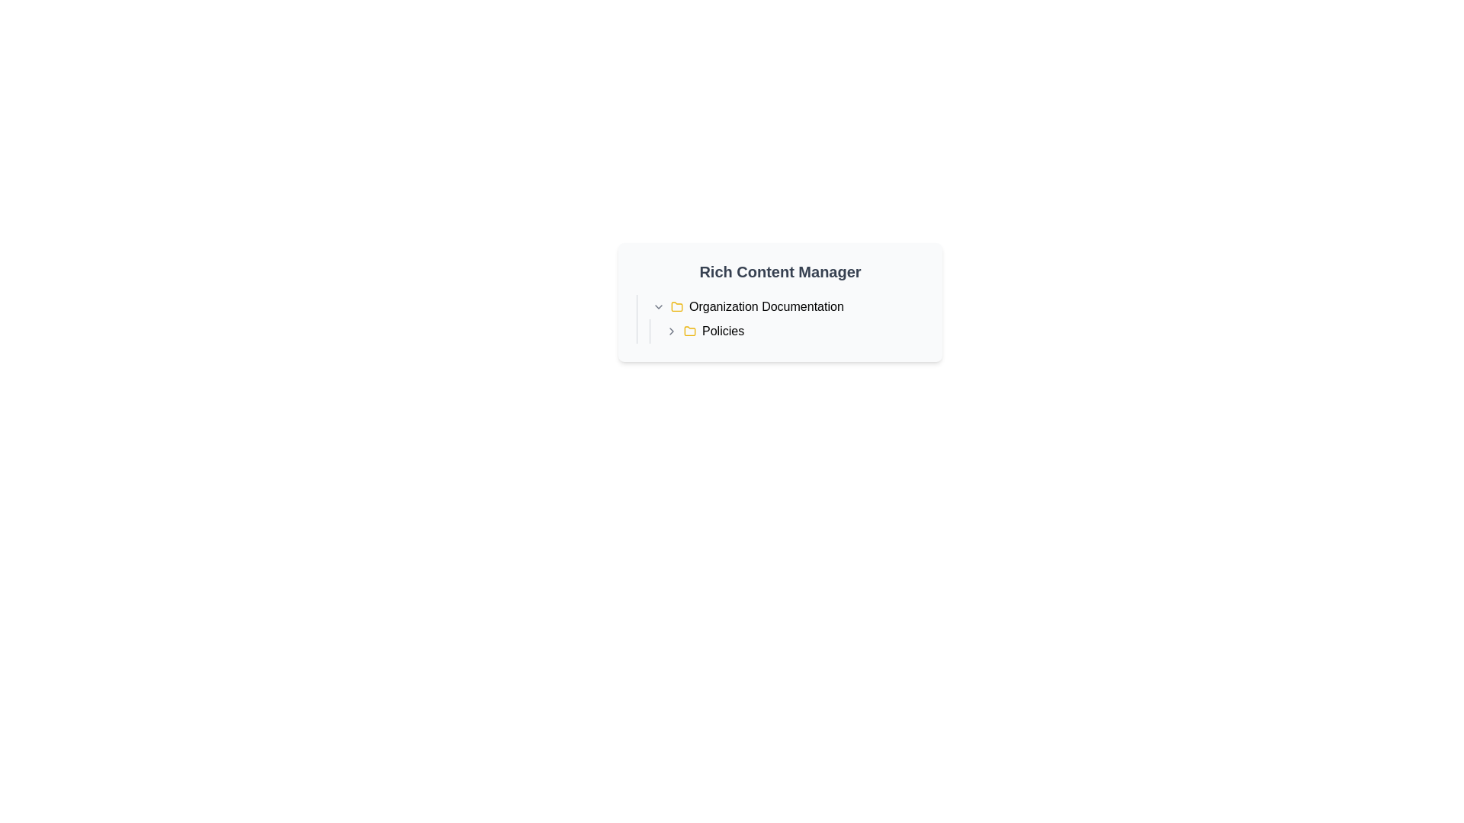 The width and height of the screenshot is (1464, 823). Describe the element at coordinates (671, 331) in the screenshot. I see `the right-pointing gray chevron icon` at that location.